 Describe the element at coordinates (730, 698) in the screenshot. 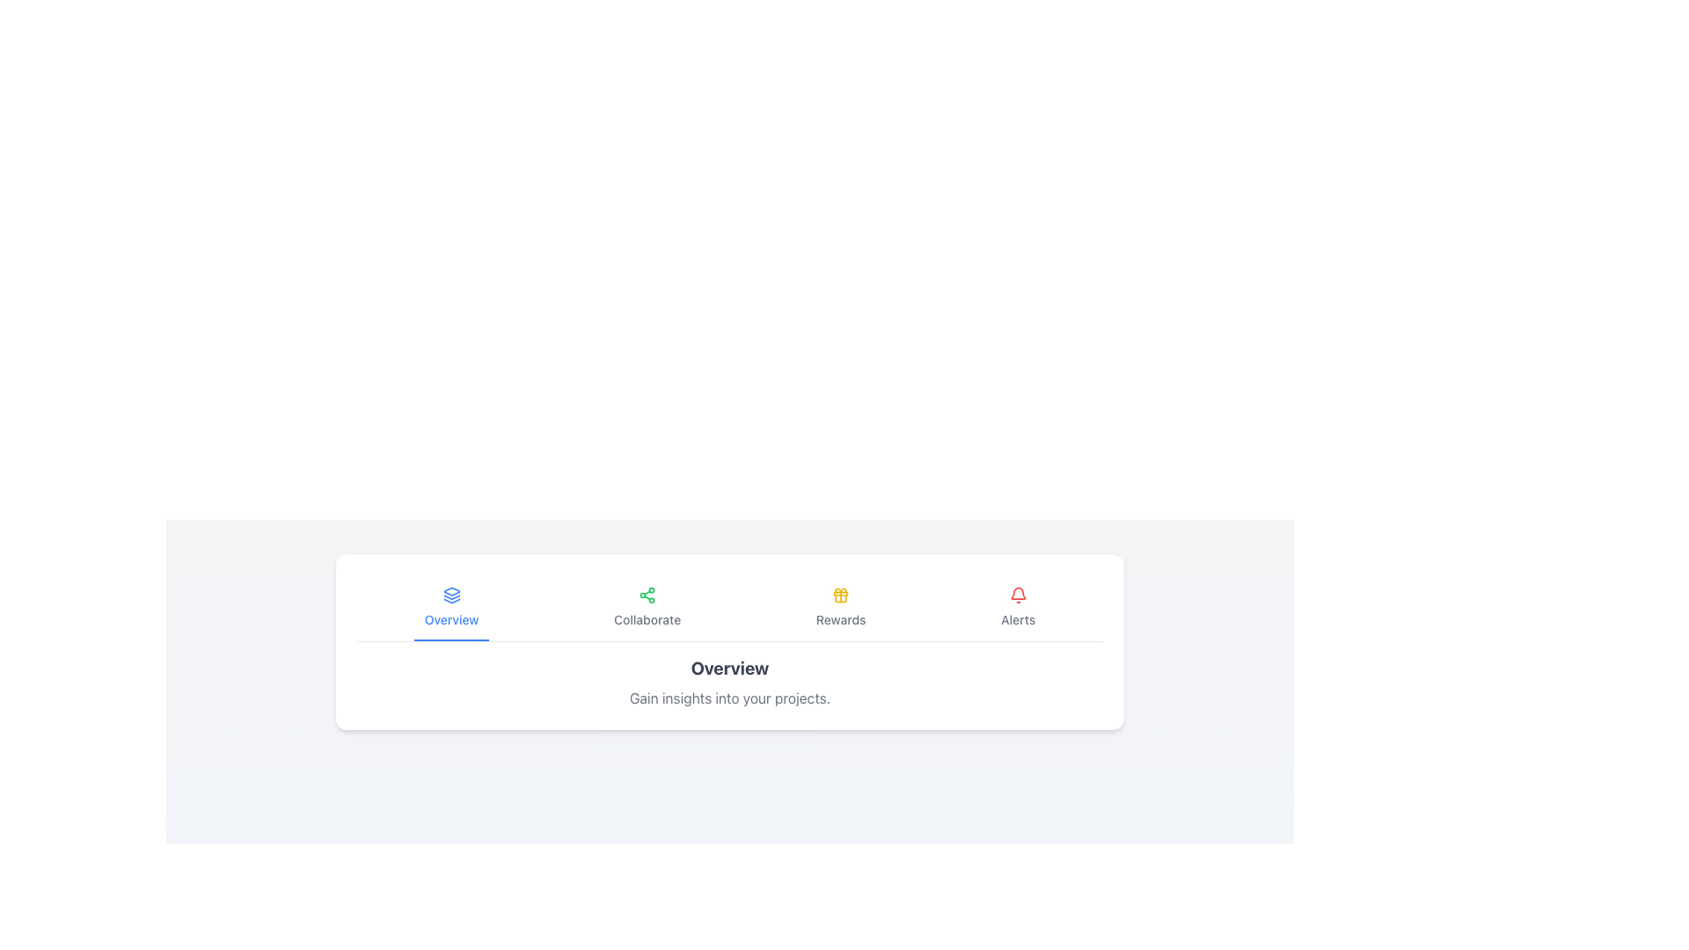

I see `the text label displaying 'Gain insights into your projects.' which is located directly beneath the bold 'Overview' heading` at that location.